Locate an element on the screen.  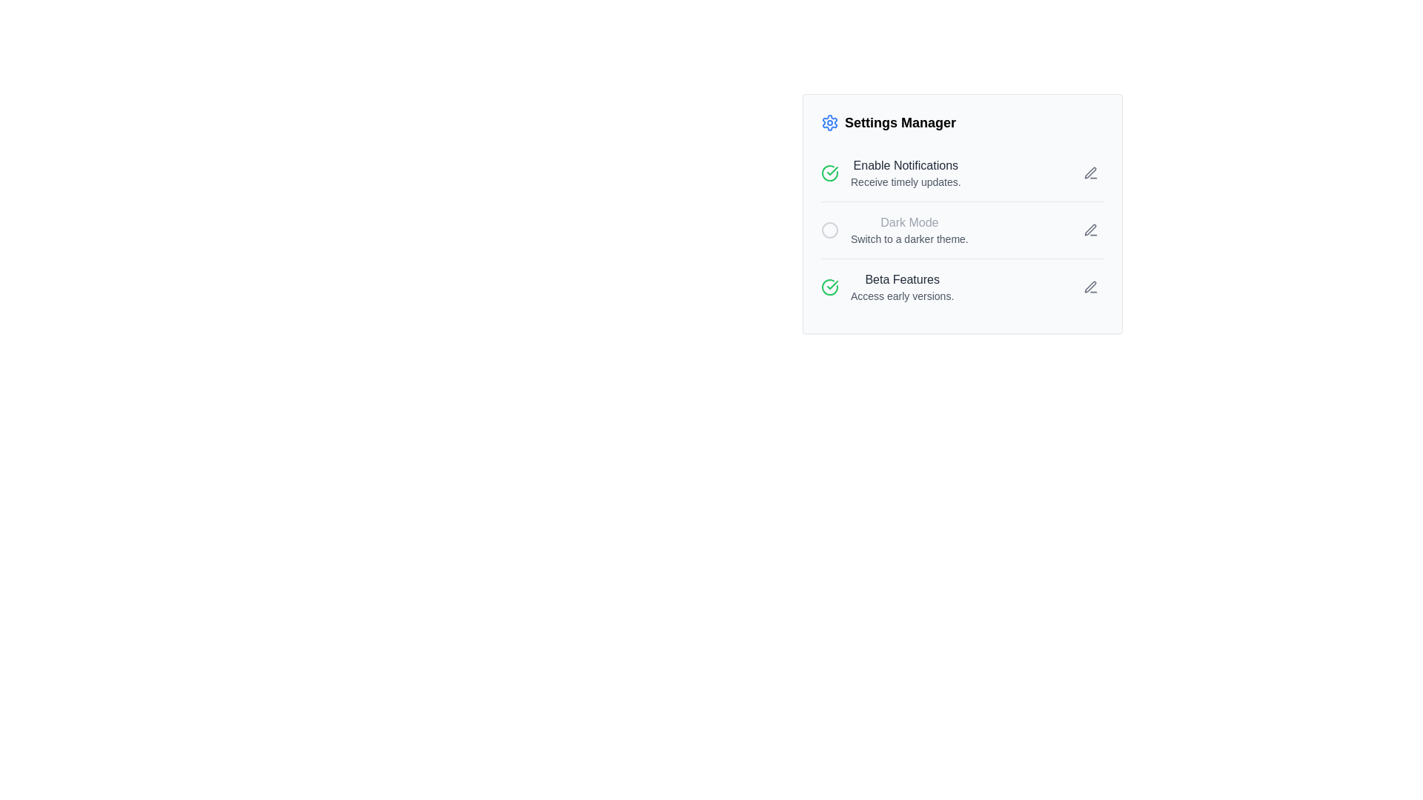
the pen-shaped icon used for editing, located to the far-right of the 'Enable Notifications' item in the 'Settings Manager' section is located at coordinates (1090, 172).